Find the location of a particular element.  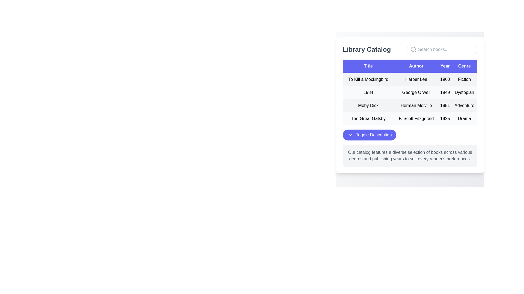

the static text element displaying 'Adventure' in the fourth column of the third row under the 'Genre' header is located at coordinates (464, 106).